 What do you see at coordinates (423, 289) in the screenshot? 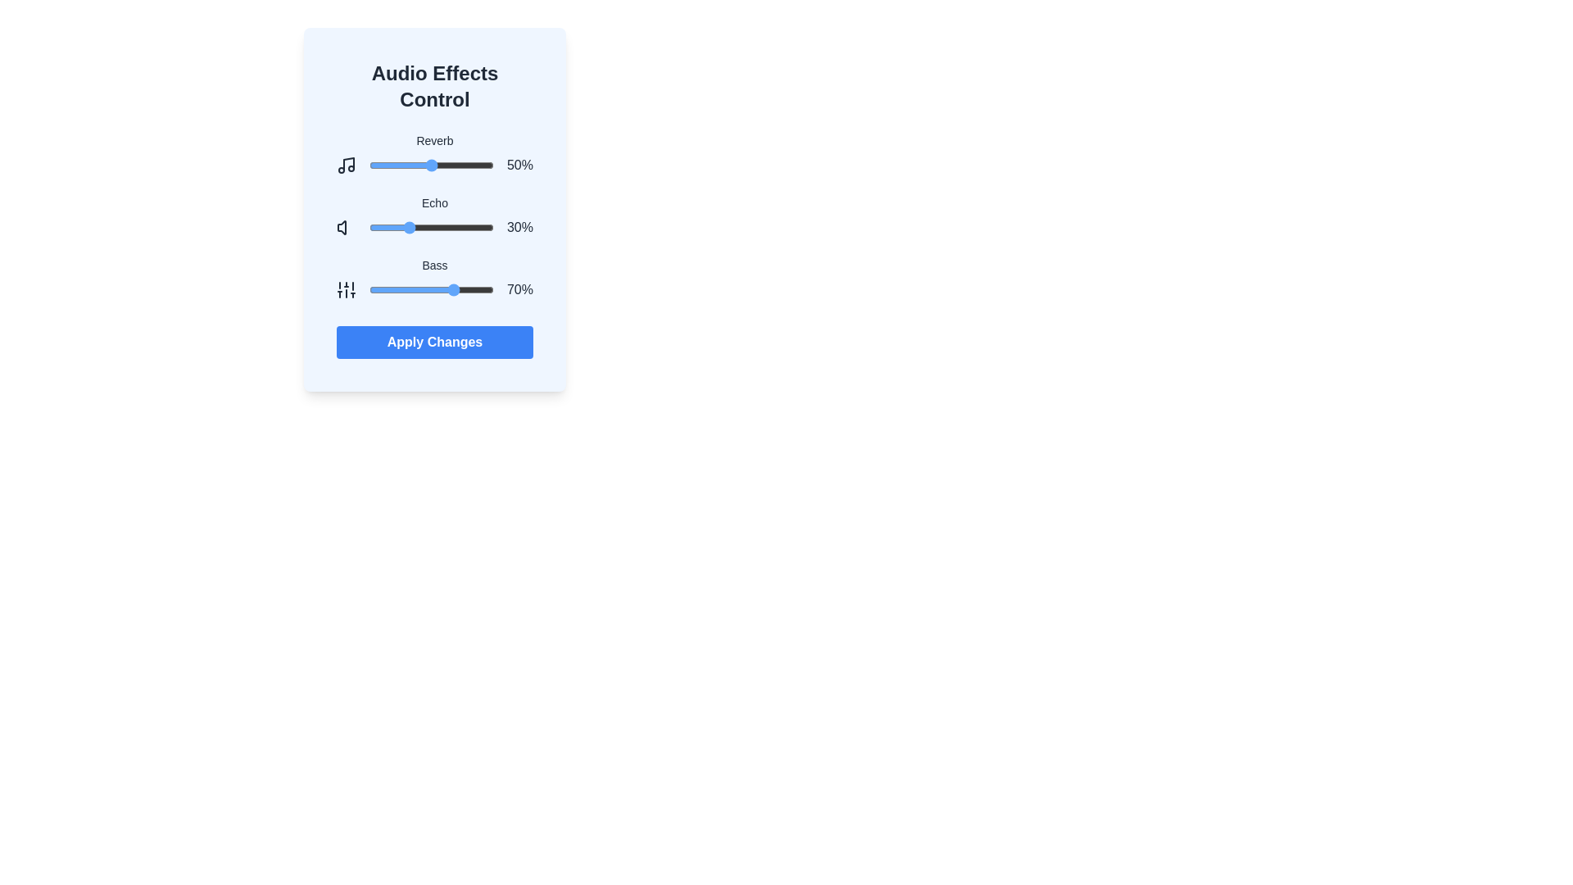
I see `the bass level` at bounding box center [423, 289].